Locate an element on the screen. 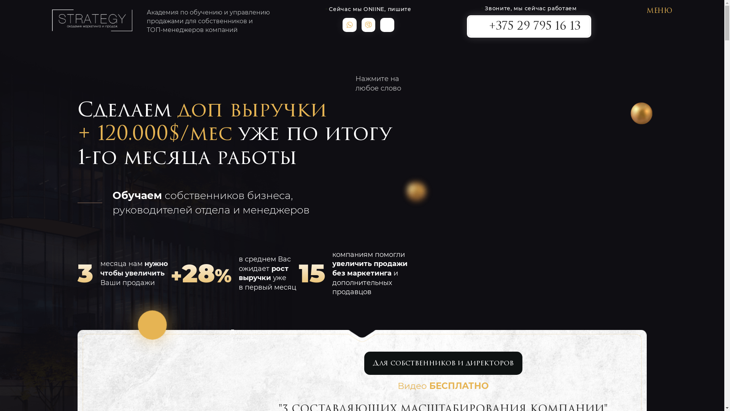 This screenshot has width=730, height=411. '+375 29 795 16 13' is located at coordinates (529, 27).